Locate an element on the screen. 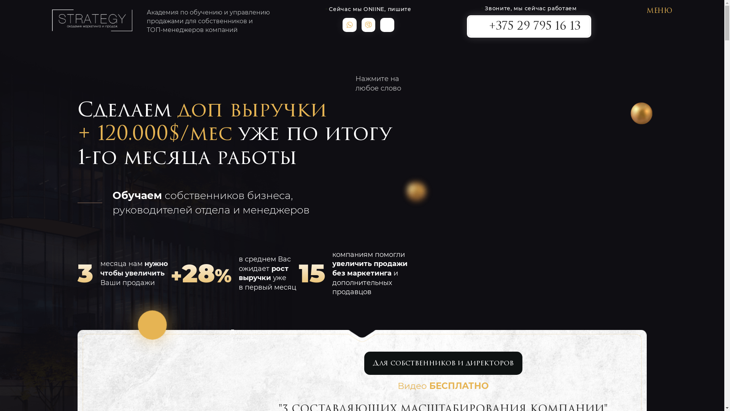 This screenshot has width=730, height=411. '+375 29 795 16 13' is located at coordinates (529, 27).